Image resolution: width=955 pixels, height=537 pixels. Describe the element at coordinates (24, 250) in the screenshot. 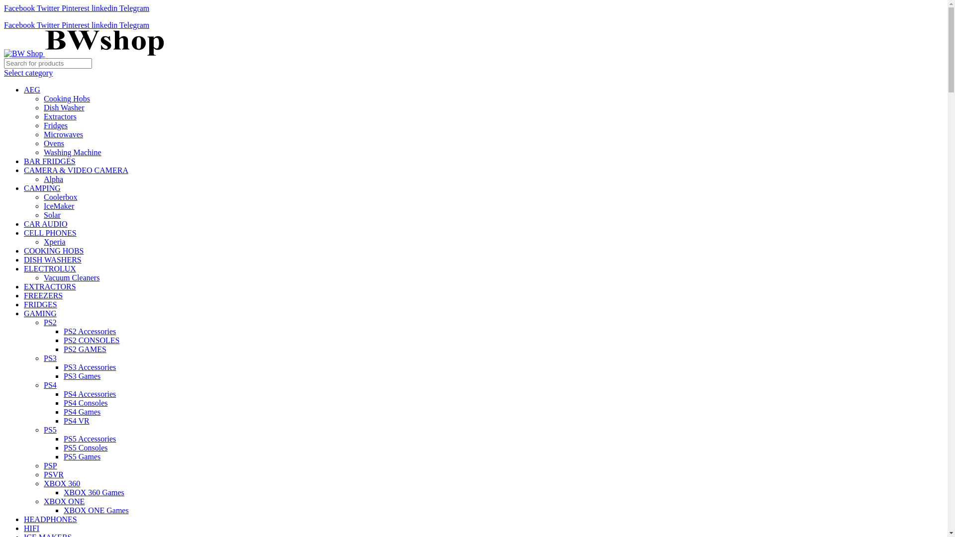

I see `'COOKING HOBS'` at that location.